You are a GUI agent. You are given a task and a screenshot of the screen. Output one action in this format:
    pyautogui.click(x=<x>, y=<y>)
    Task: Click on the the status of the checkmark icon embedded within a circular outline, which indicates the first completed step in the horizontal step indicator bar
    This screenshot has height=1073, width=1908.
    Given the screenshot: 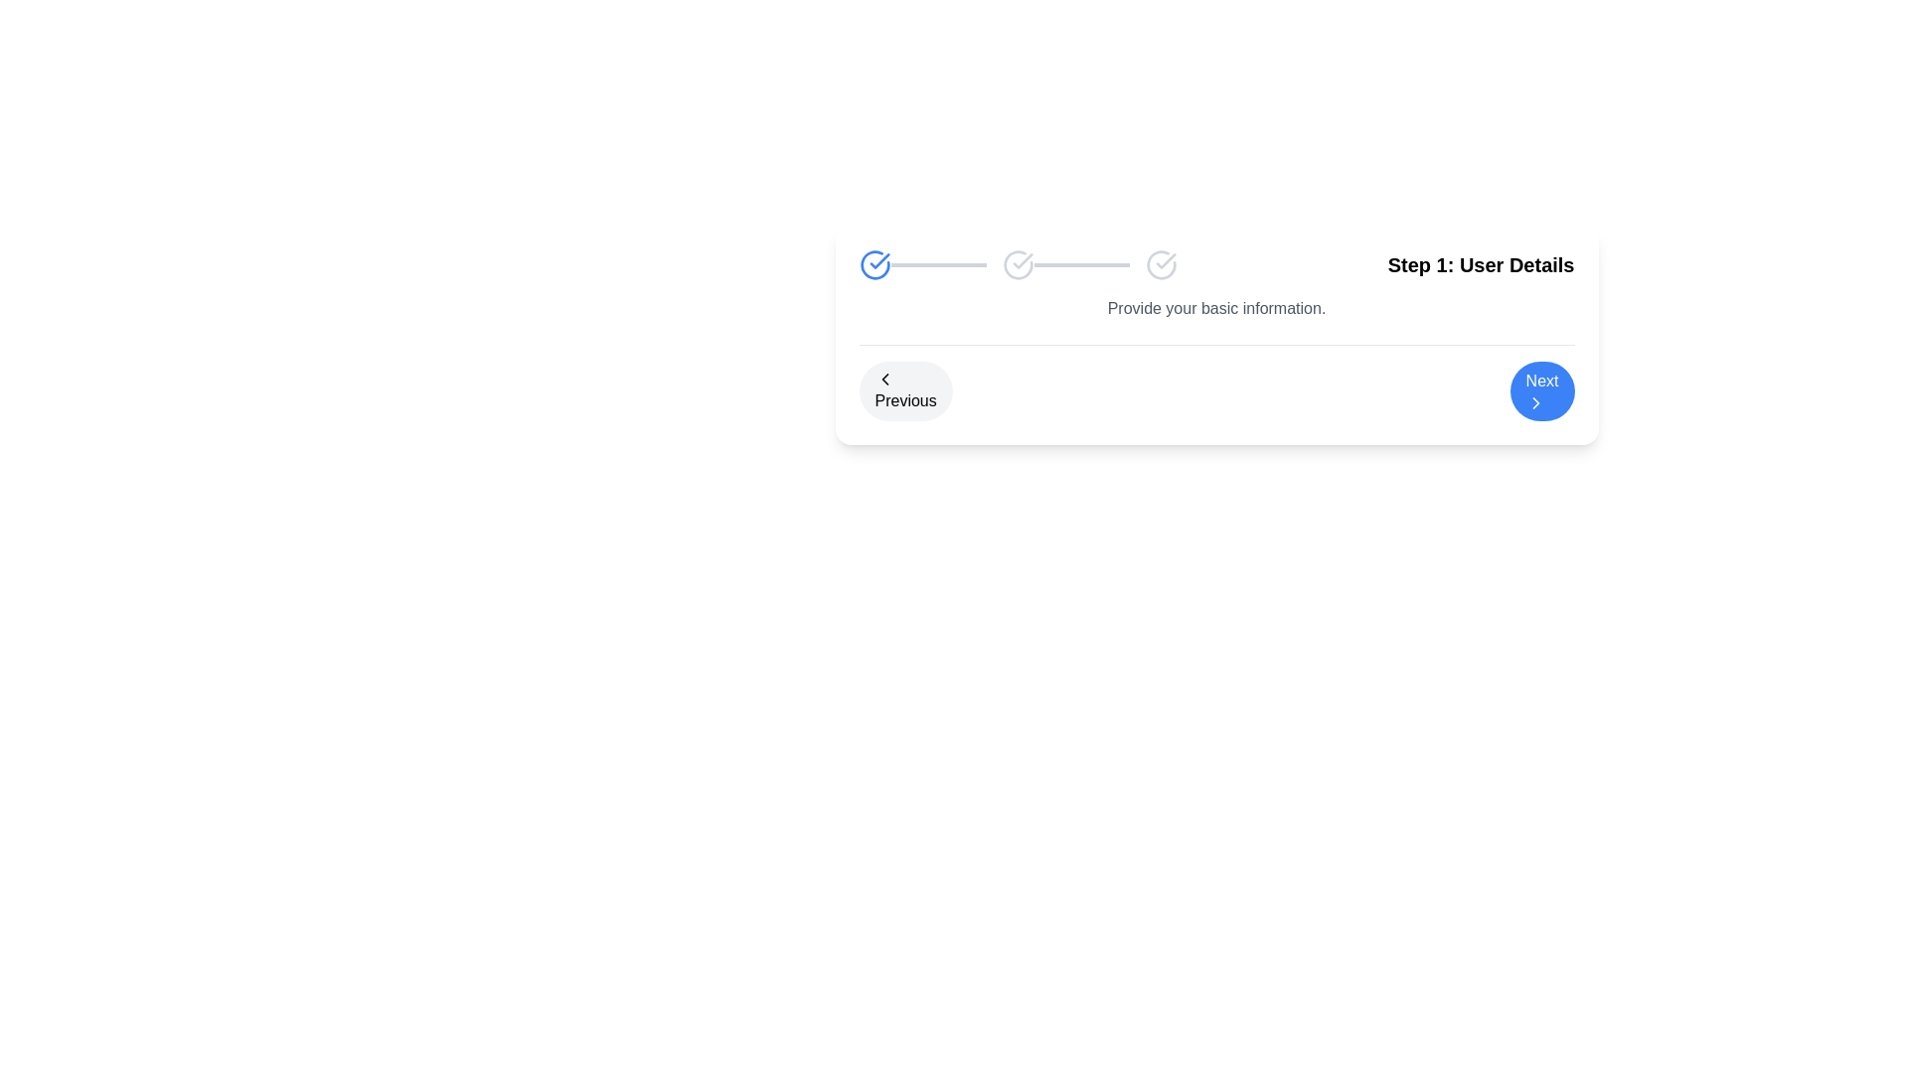 What is the action you would take?
    pyautogui.click(x=1166, y=259)
    